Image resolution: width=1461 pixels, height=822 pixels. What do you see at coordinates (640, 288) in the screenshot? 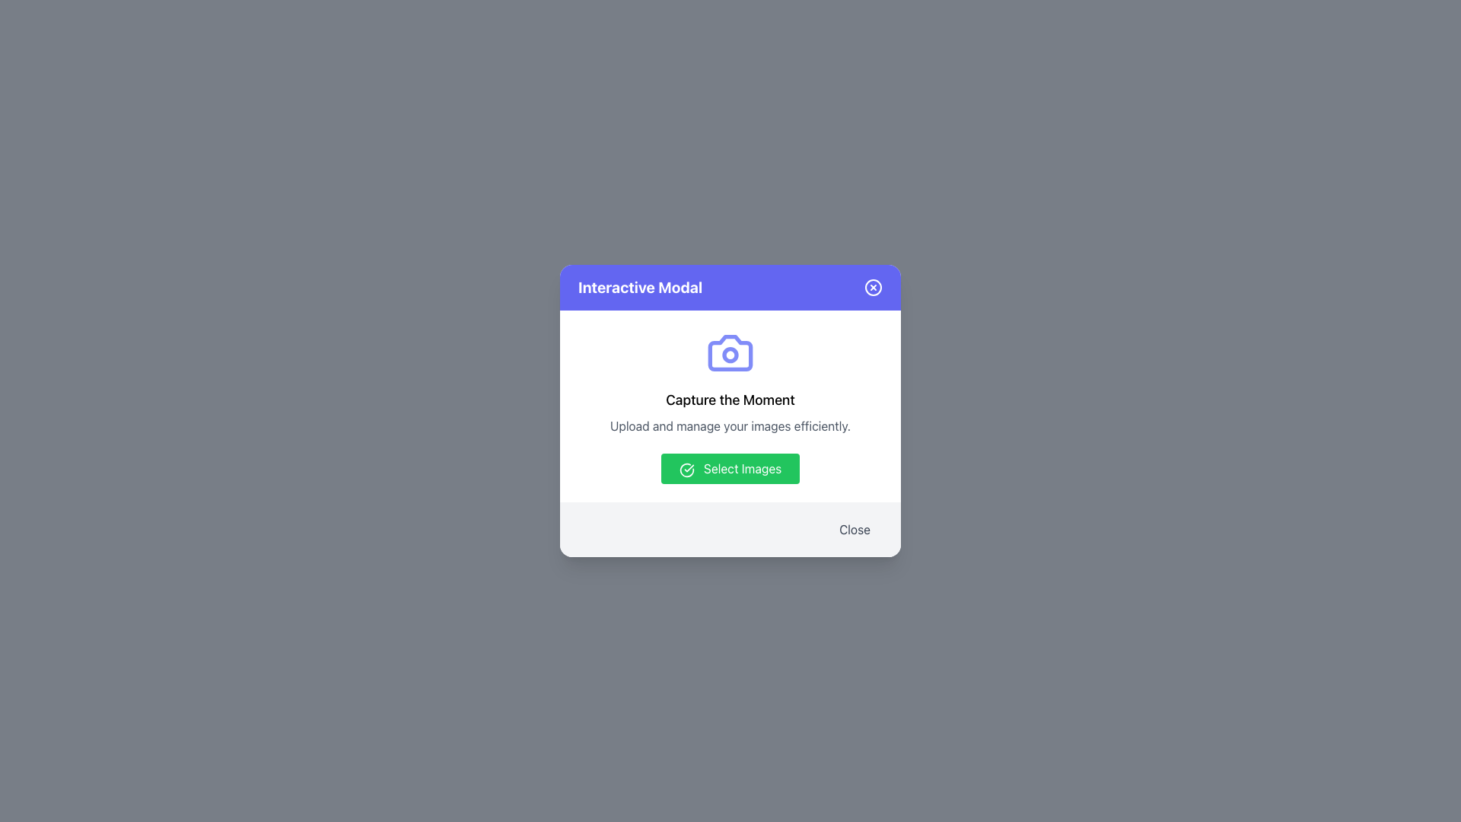
I see `the static text element that serves as the title of the modal window, which is centrally positioned in the header bar and aligned to the left of the 'x' close button` at bounding box center [640, 288].